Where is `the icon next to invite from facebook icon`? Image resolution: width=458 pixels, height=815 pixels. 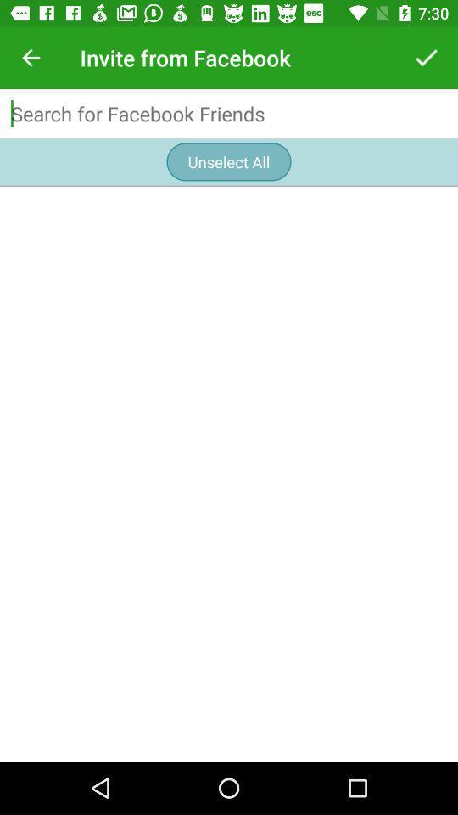
the icon next to invite from facebook icon is located at coordinates (426, 58).